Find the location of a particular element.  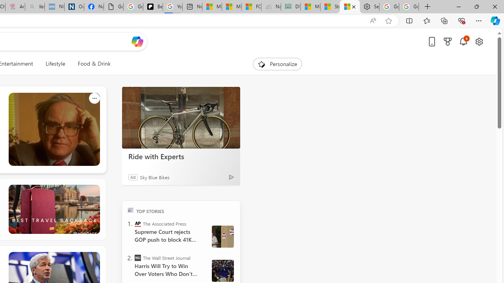

'Food & Drink' is located at coordinates (94, 64).